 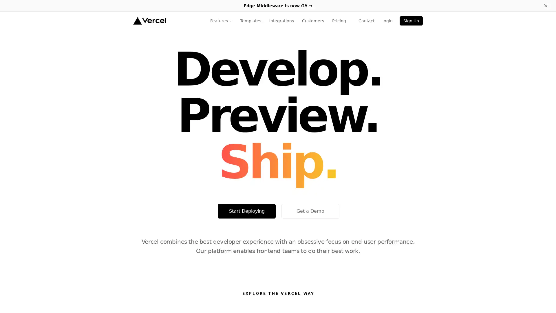 I want to click on home, so click(x=149, y=21).